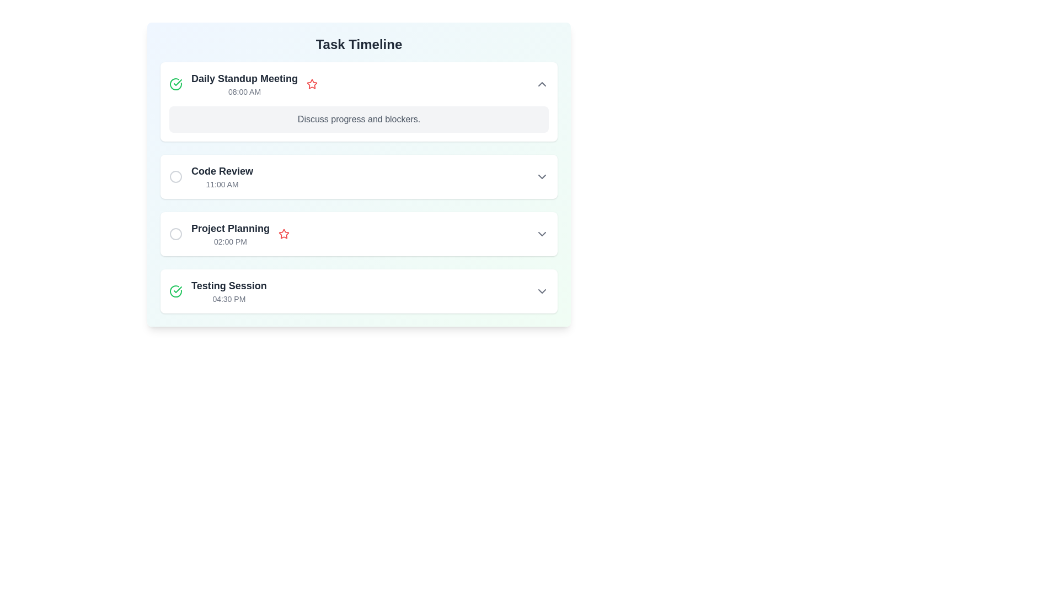 The image size is (1059, 595). What do you see at coordinates (218, 290) in the screenshot?
I see `the scheduled task label with a green checkmark, title, and time in the 'Task Timeline' card, located below the 'Project Planning' item` at bounding box center [218, 290].